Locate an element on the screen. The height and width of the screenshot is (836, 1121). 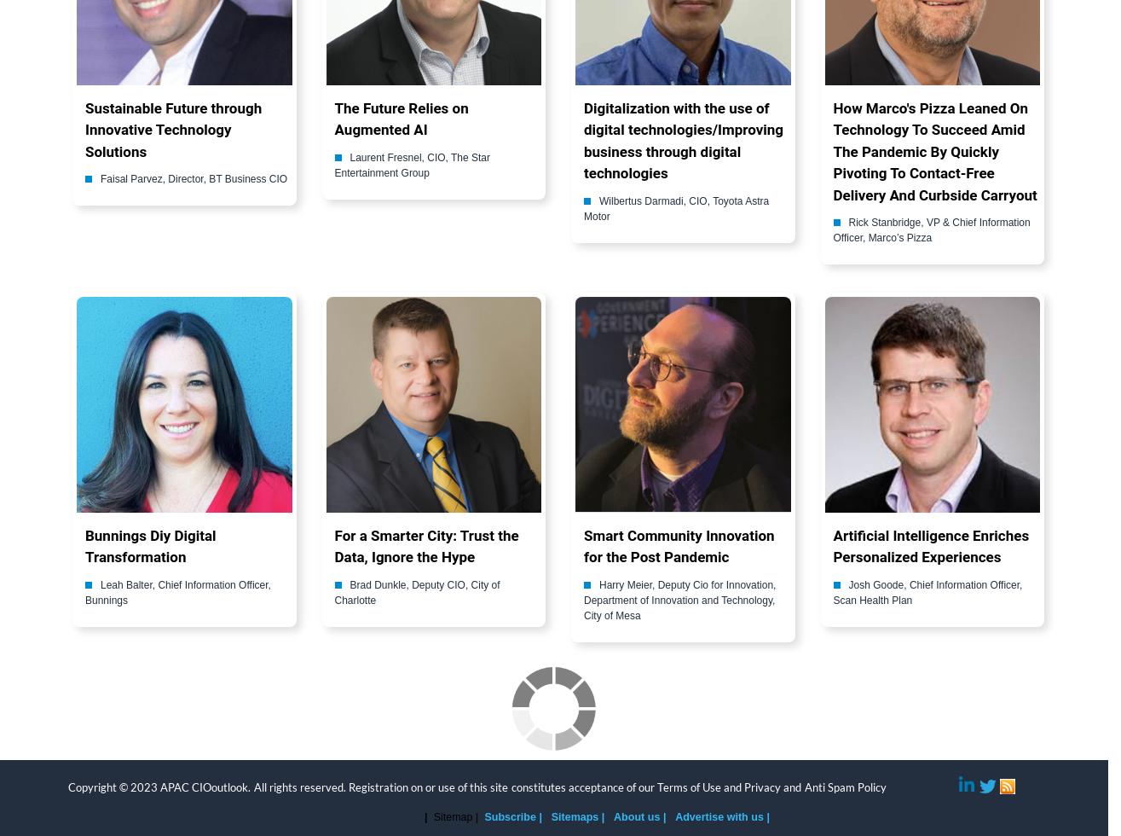
'About us |' is located at coordinates (612, 816).